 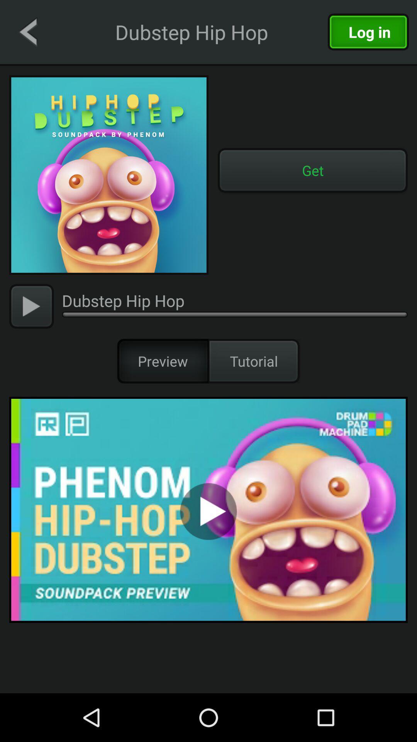 What do you see at coordinates (108, 174) in the screenshot?
I see `icon to the left of the get icon` at bounding box center [108, 174].